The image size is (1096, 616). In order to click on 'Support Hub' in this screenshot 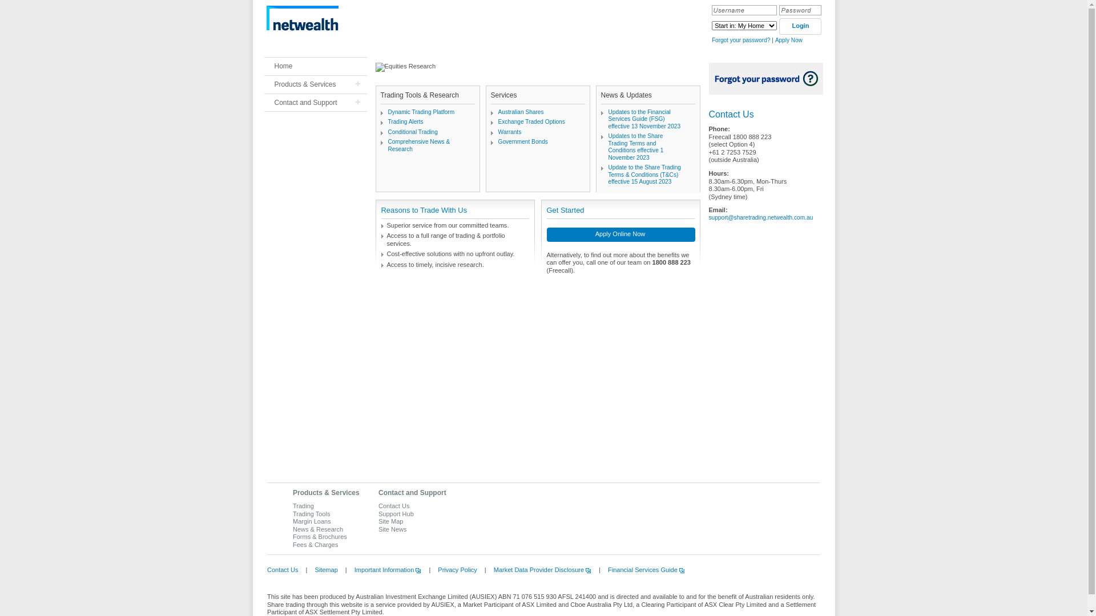, I will do `click(378, 514)`.